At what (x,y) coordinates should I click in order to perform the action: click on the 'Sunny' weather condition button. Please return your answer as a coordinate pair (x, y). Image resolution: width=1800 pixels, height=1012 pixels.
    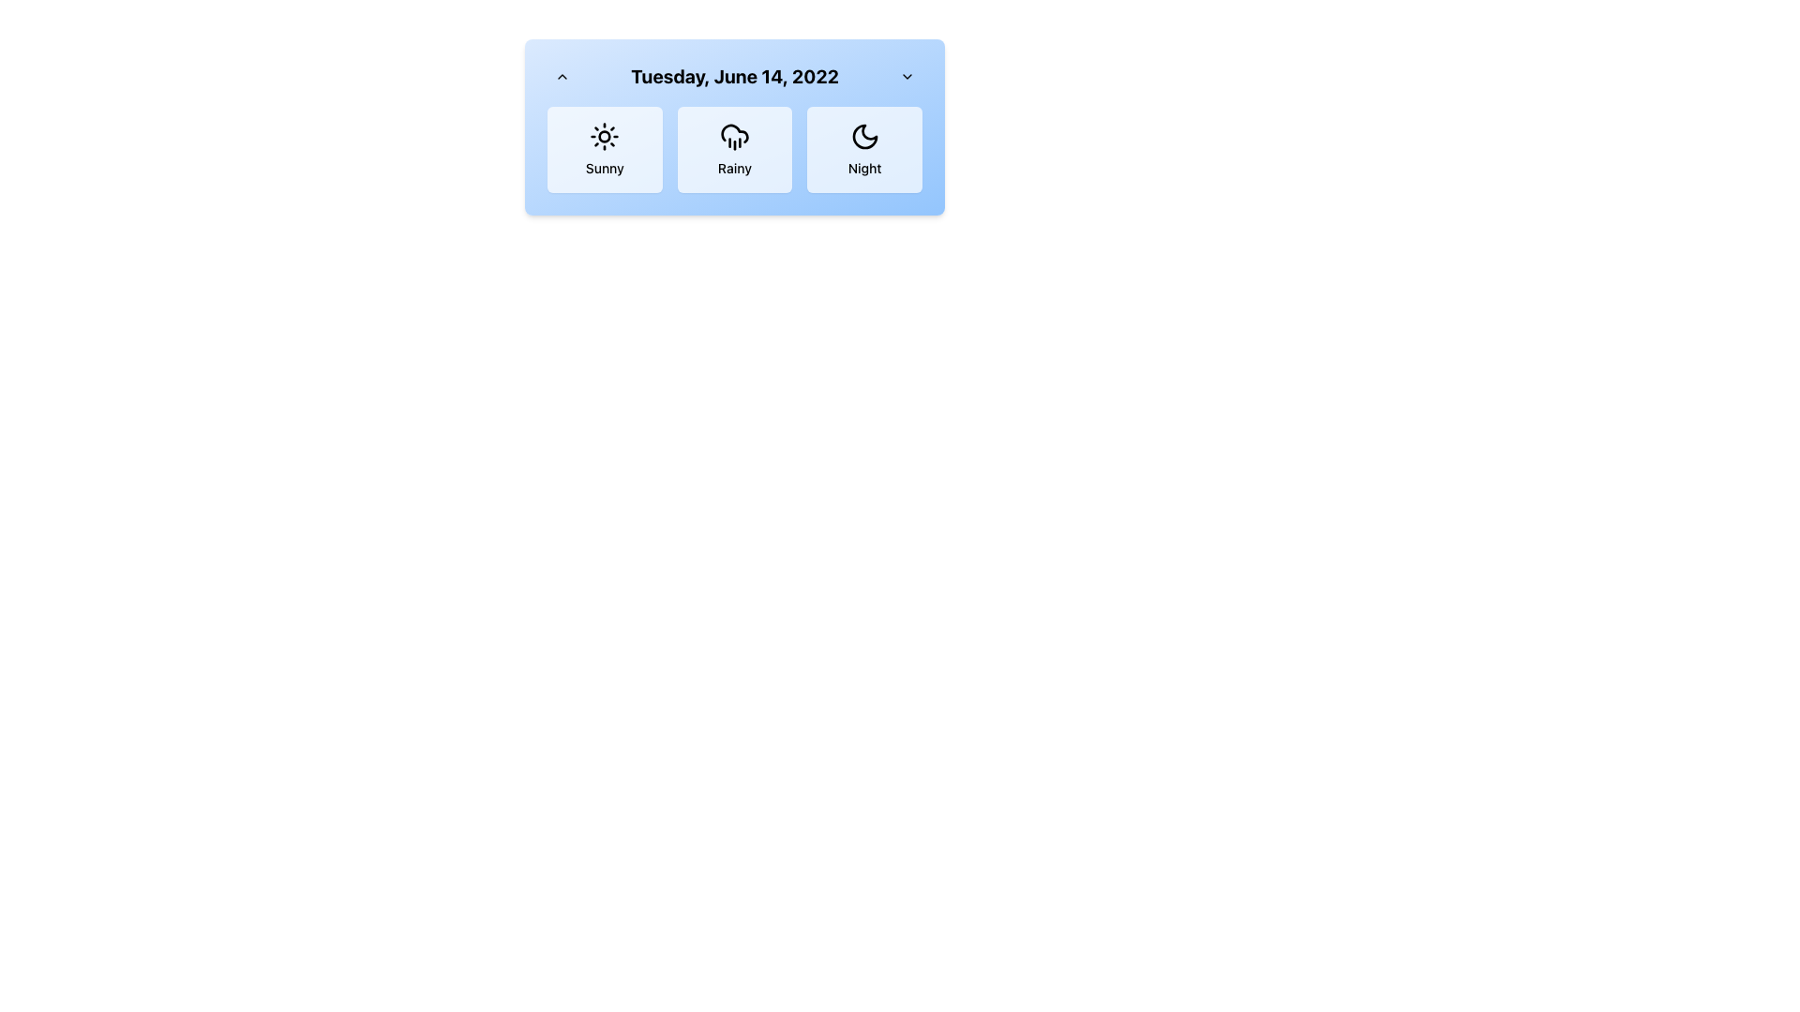
    Looking at the image, I should click on (605, 148).